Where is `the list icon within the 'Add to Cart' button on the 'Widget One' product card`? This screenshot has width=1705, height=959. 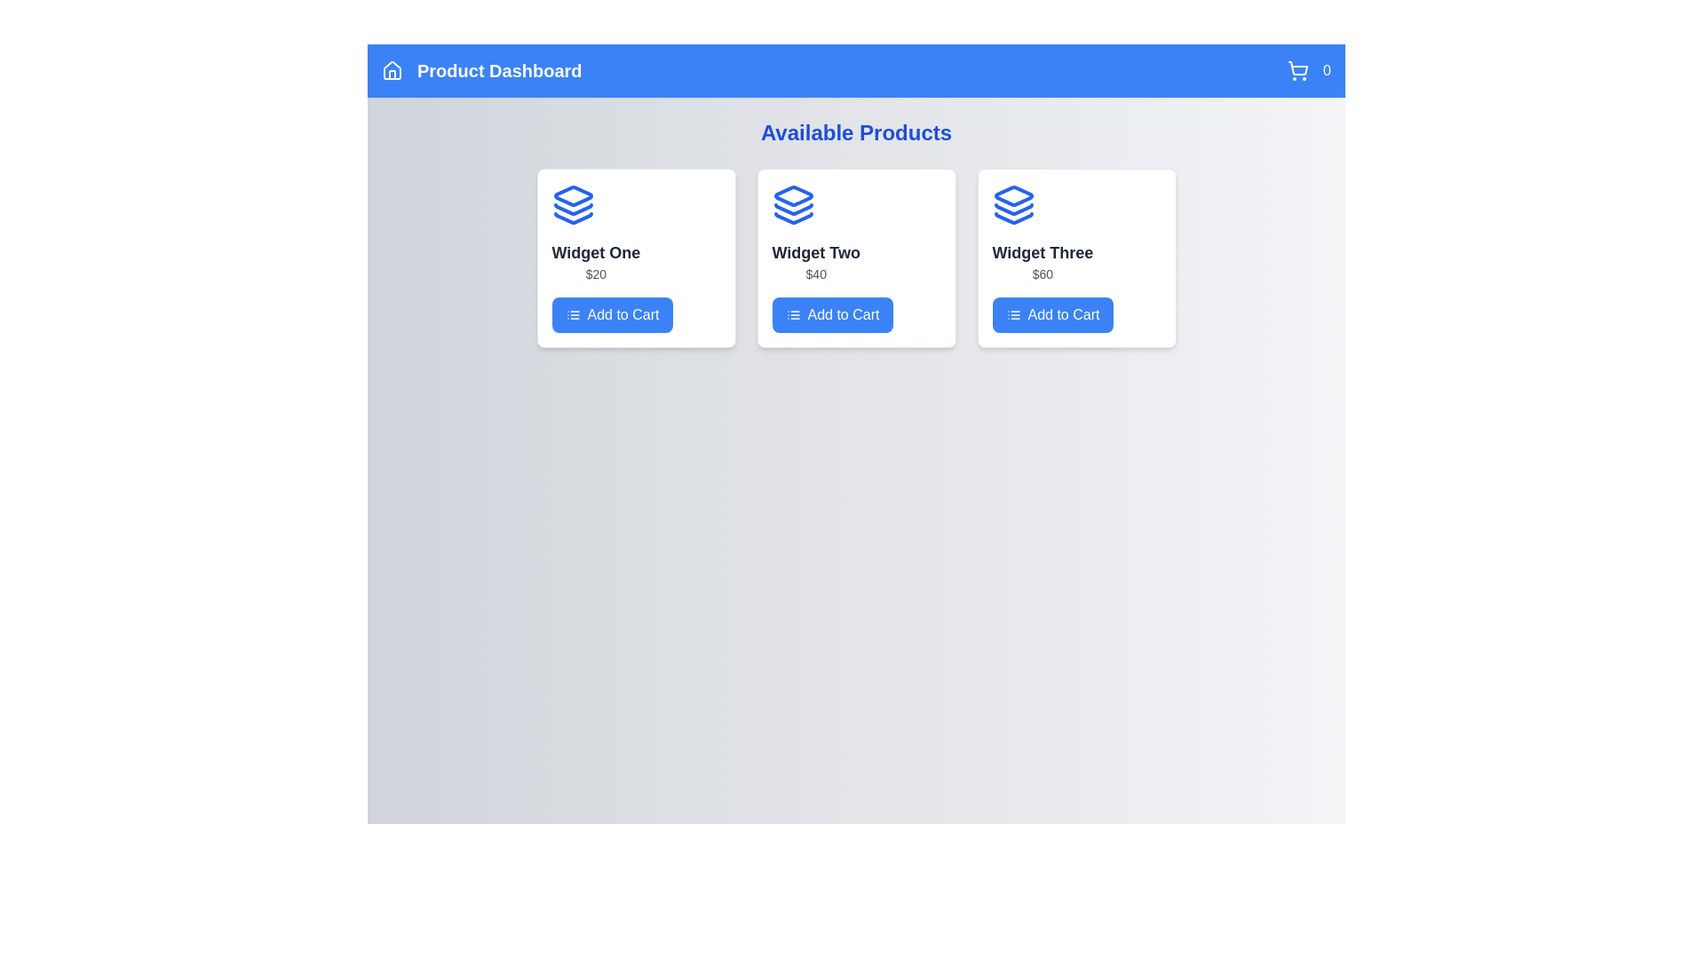
the list icon within the 'Add to Cart' button on the 'Widget One' product card is located at coordinates (573, 313).